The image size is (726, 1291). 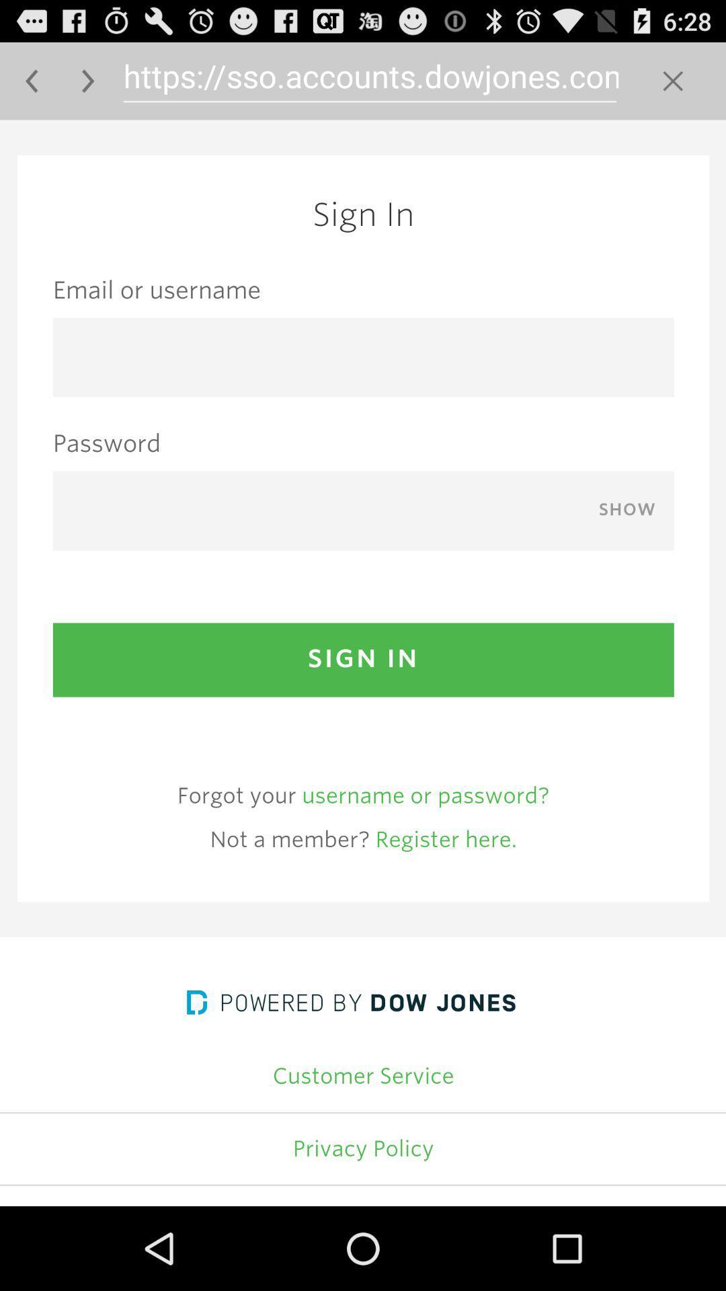 What do you see at coordinates (363, 663) in the screenshot?
I see `for advertisement` at bounding box center [363, 663].